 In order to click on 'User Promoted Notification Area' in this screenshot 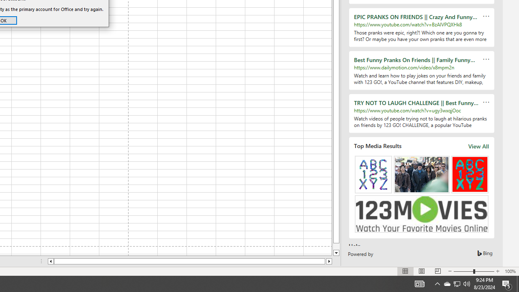, I will do `click(457, 283)`.